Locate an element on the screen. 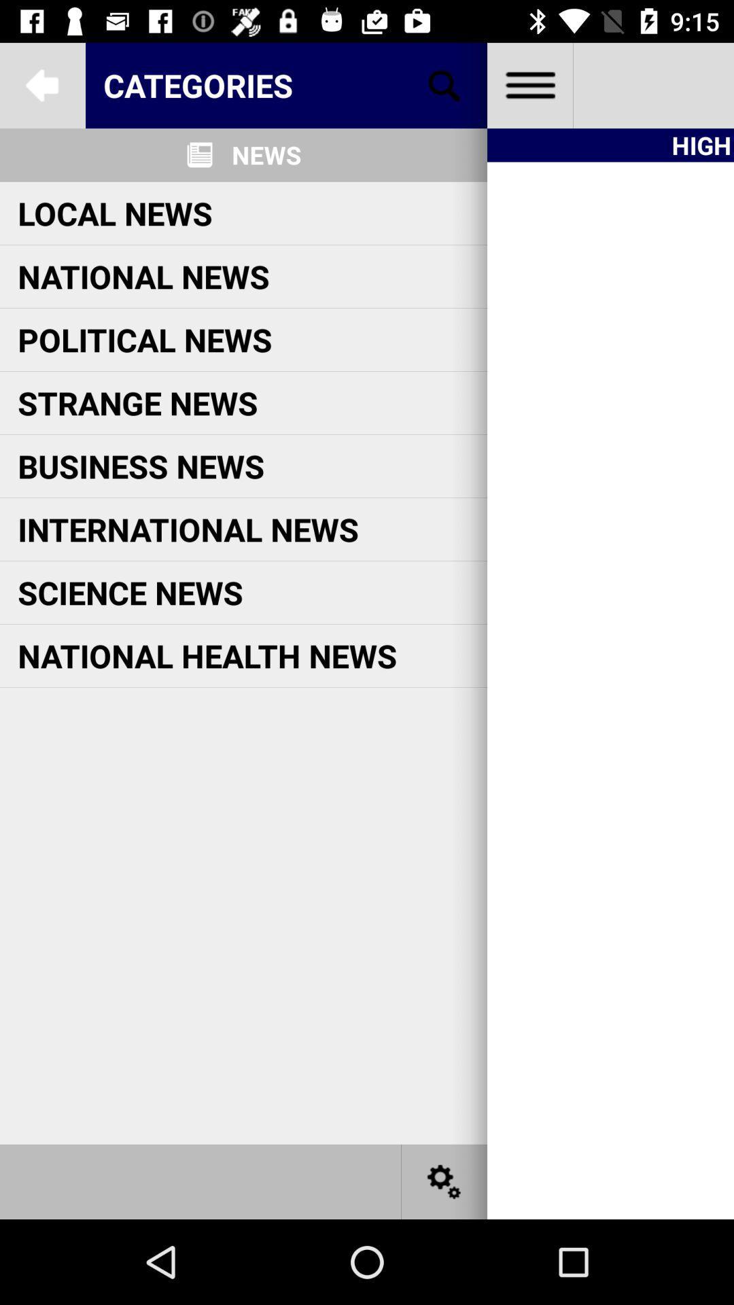 The width and height of the screenshot is (734, 1305). all files is located at coordinates (529, 84).